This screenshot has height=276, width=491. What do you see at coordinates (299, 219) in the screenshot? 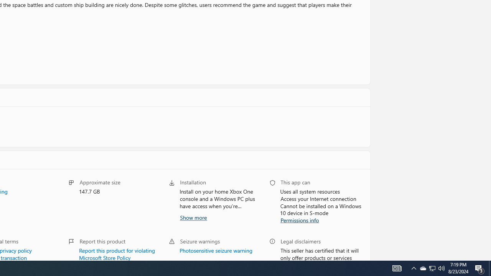
I see `'Permissions info'` at bounding box center [299, 219].